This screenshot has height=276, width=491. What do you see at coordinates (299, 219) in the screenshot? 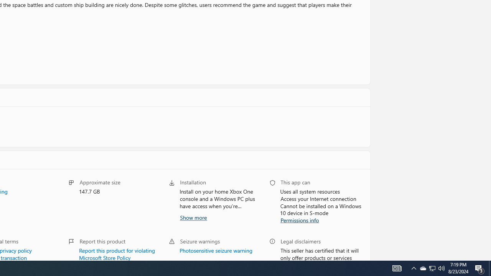
I see `'Permissions info'` at bounding box center [299, 219].